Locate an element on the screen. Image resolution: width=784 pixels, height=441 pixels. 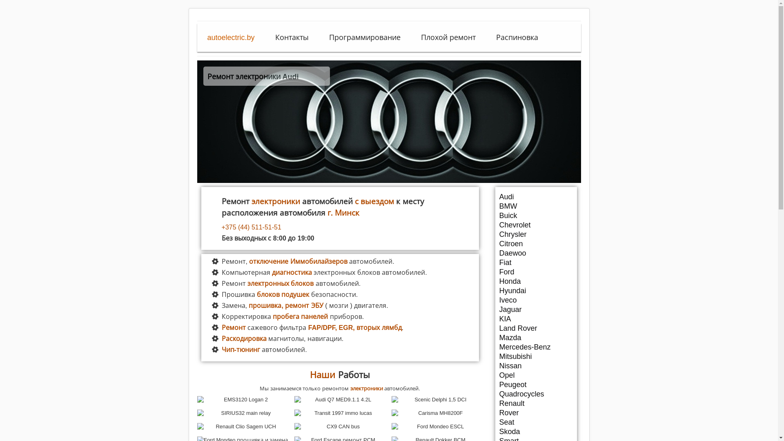
'Buick' is located at coordinates (535, 215).